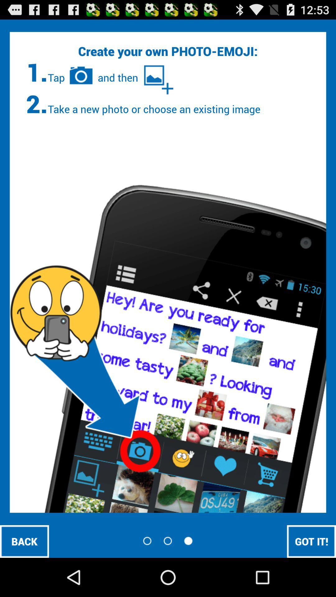 Image resolution: width=336 pixels, height=597 pixels. I want to click on the got it!, so click(311, 541).